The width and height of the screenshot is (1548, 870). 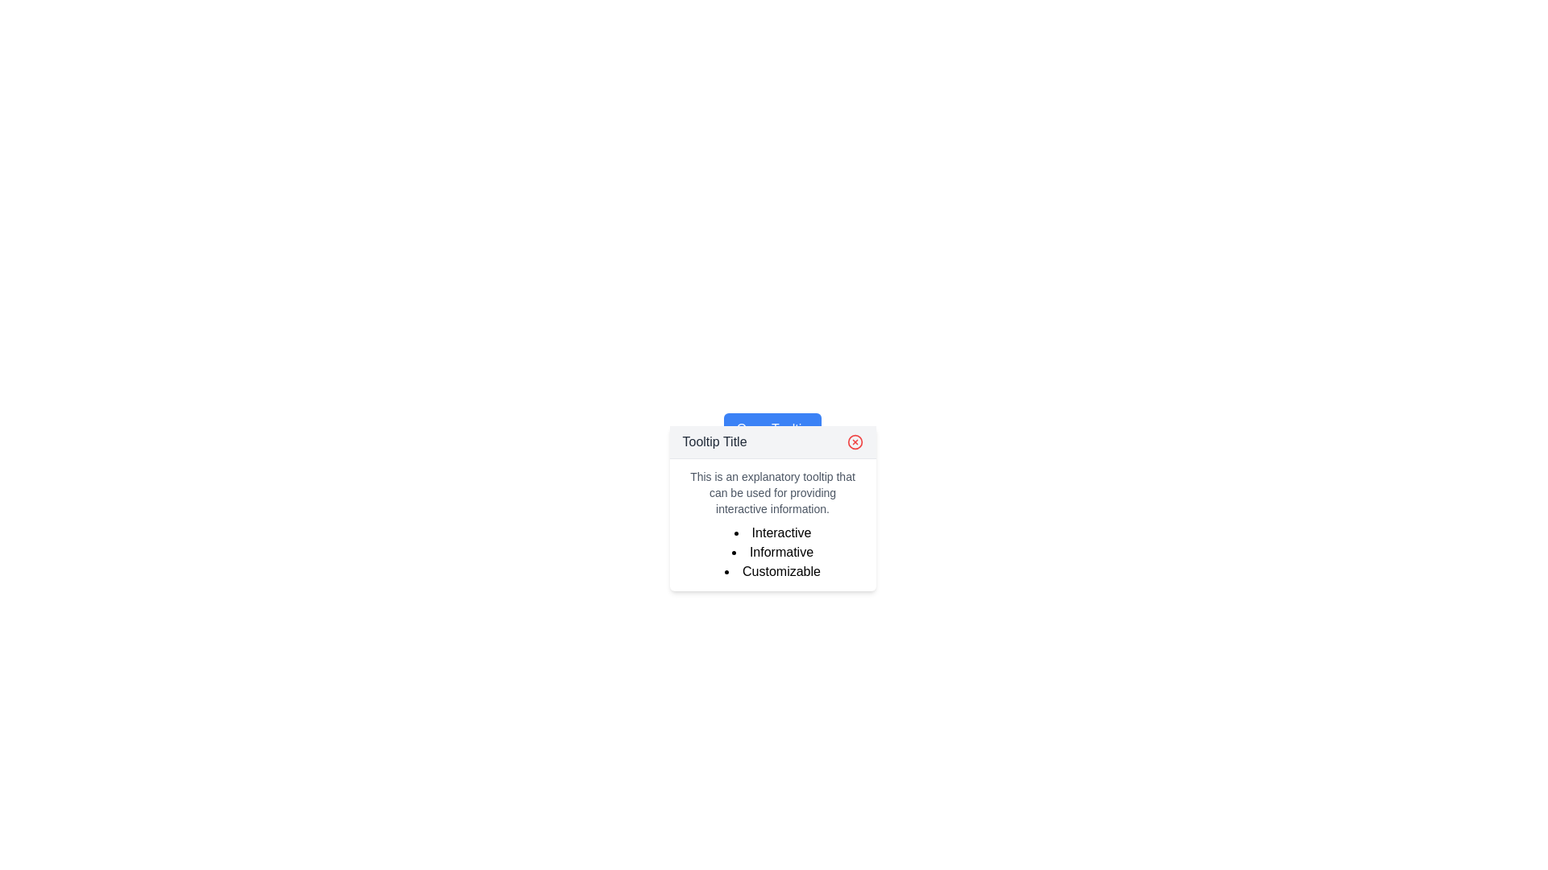 I want to click on the Tooltip Header which contains the text 'Tooltip Title' and a red close icon on the right, located at the top of the tooltip interface, so click(x=772, y=442).